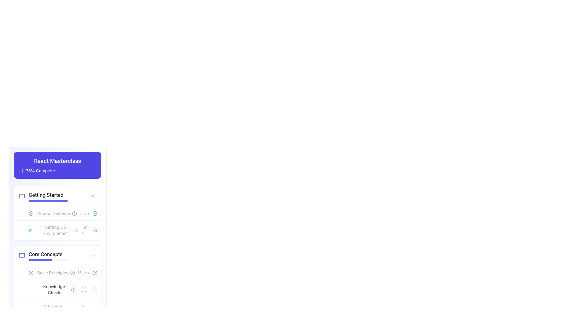 The image size is (586, 330). Describe the element at coordinates (21, 171) in the screenshot. I see `the small monochrome column chart icon located to the left of the text '75% Complete' within the 'React Masterclass' section` at that location.